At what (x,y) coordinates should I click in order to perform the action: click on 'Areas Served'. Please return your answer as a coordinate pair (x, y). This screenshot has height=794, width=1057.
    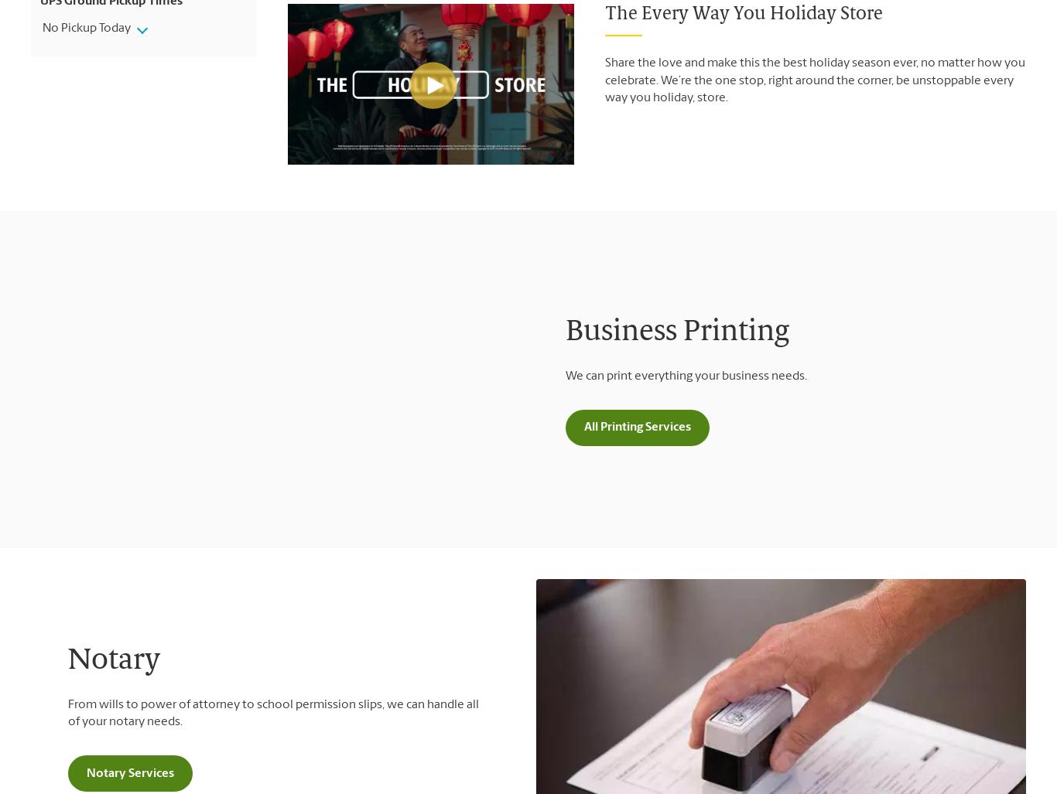
    Looking at the image, I should click on (114, 138).